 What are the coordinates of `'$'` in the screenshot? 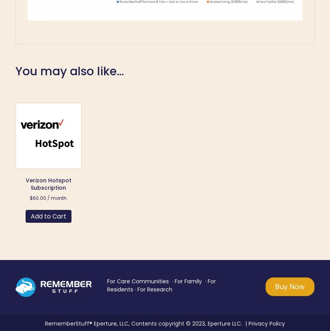 It's located at (31, 198).